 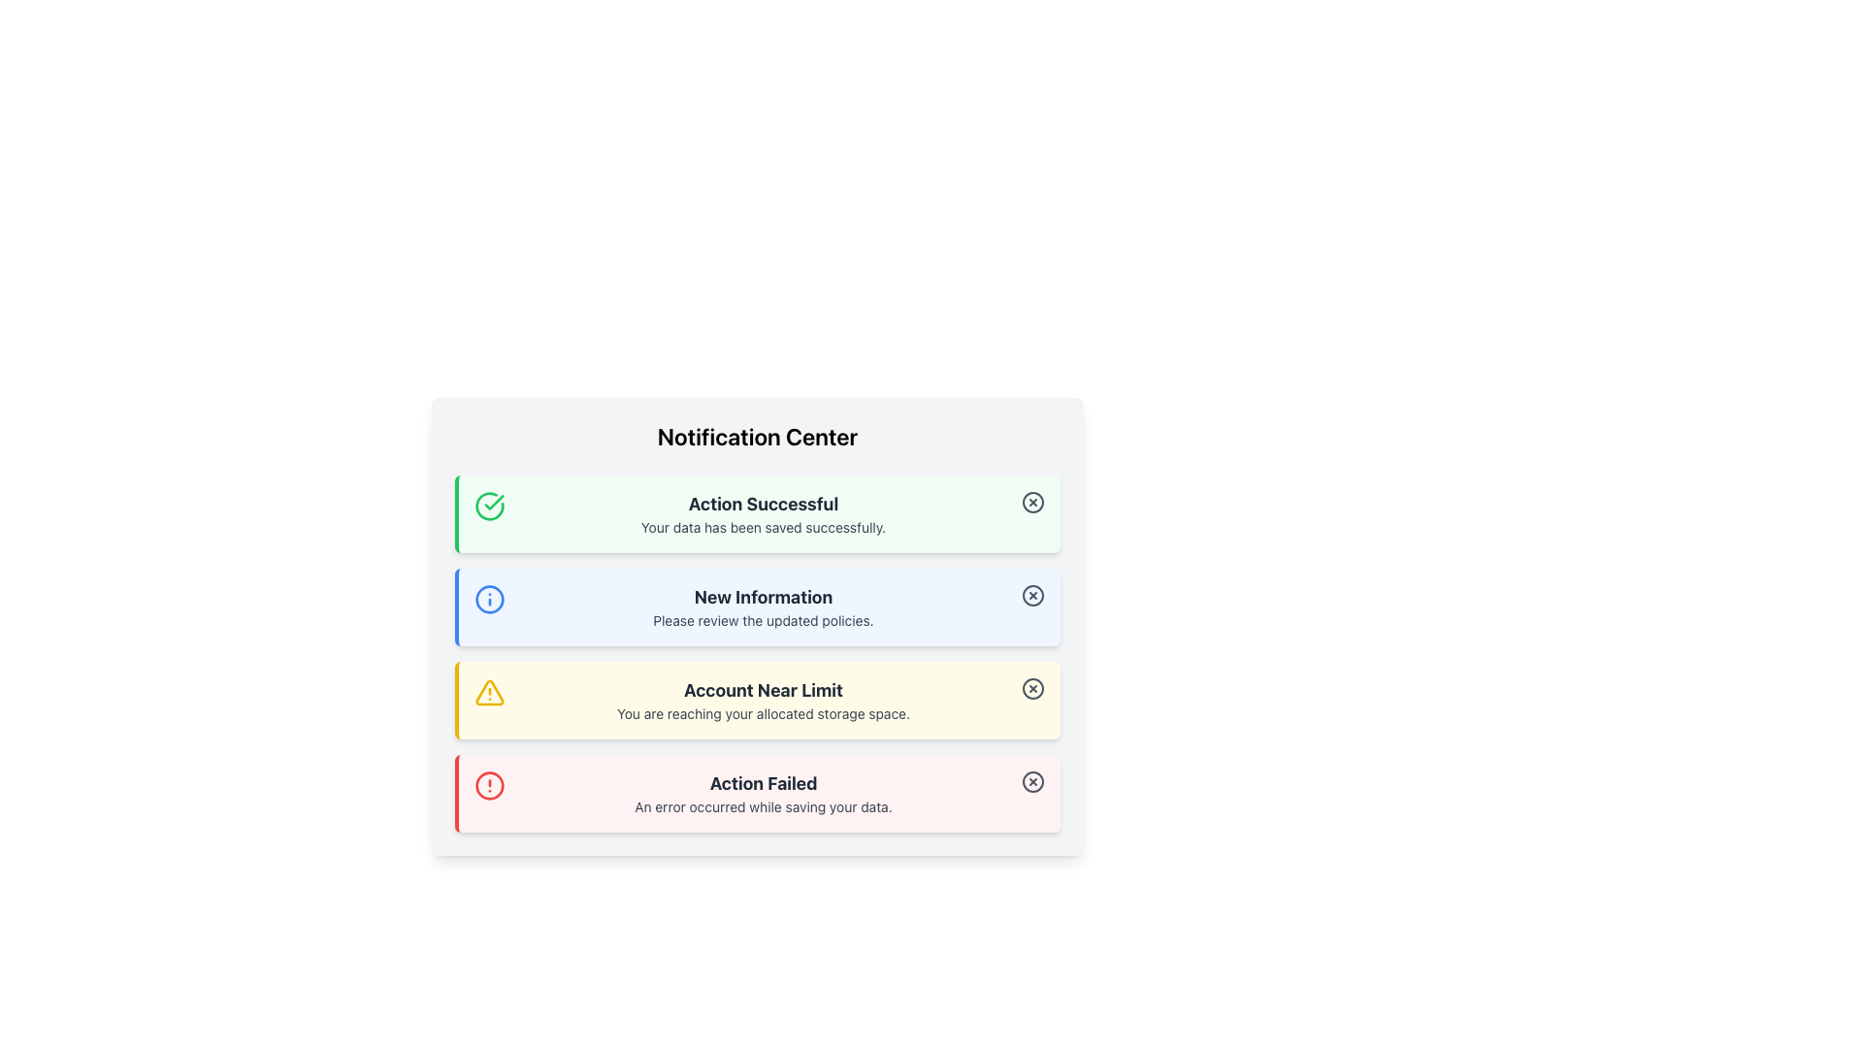 I want to click on the text reading 'Your data has been saved successfully.' which is styled in a small gray font and located directly beneath the bold 'Action Successful' heading in a green-highlighted notification panel, so click(x=763, y=527).